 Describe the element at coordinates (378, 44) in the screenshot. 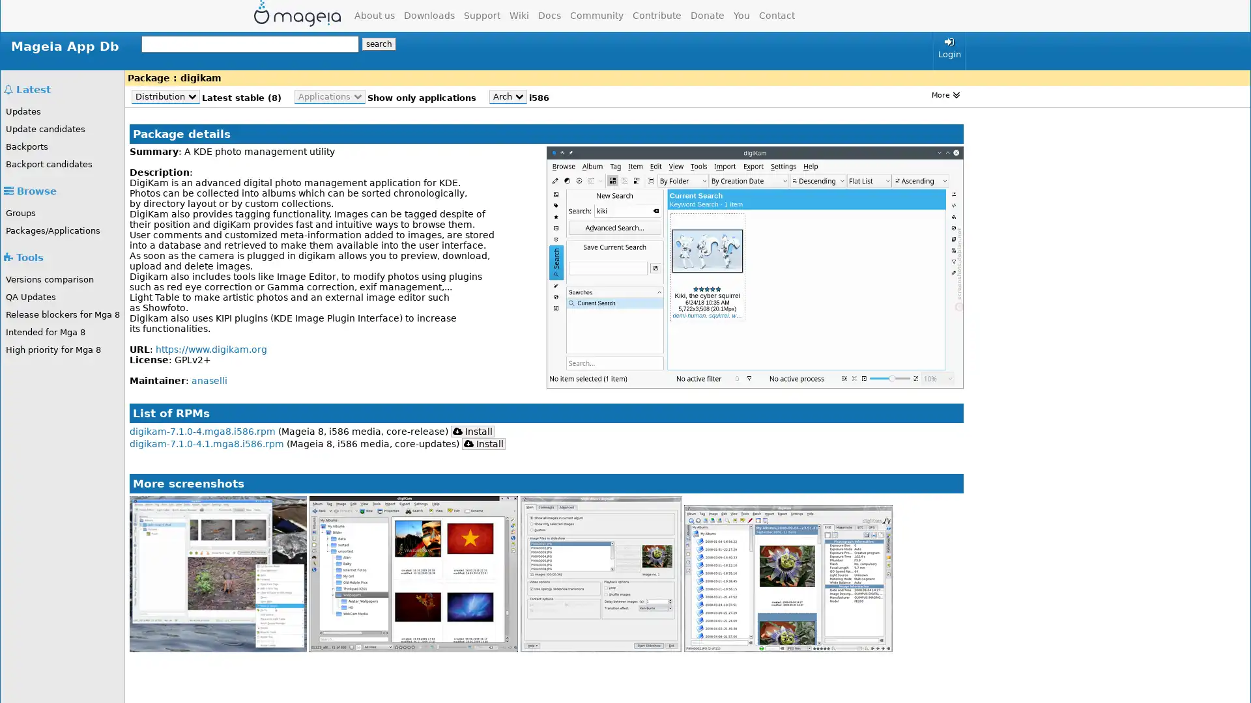

I see `search` at that location.